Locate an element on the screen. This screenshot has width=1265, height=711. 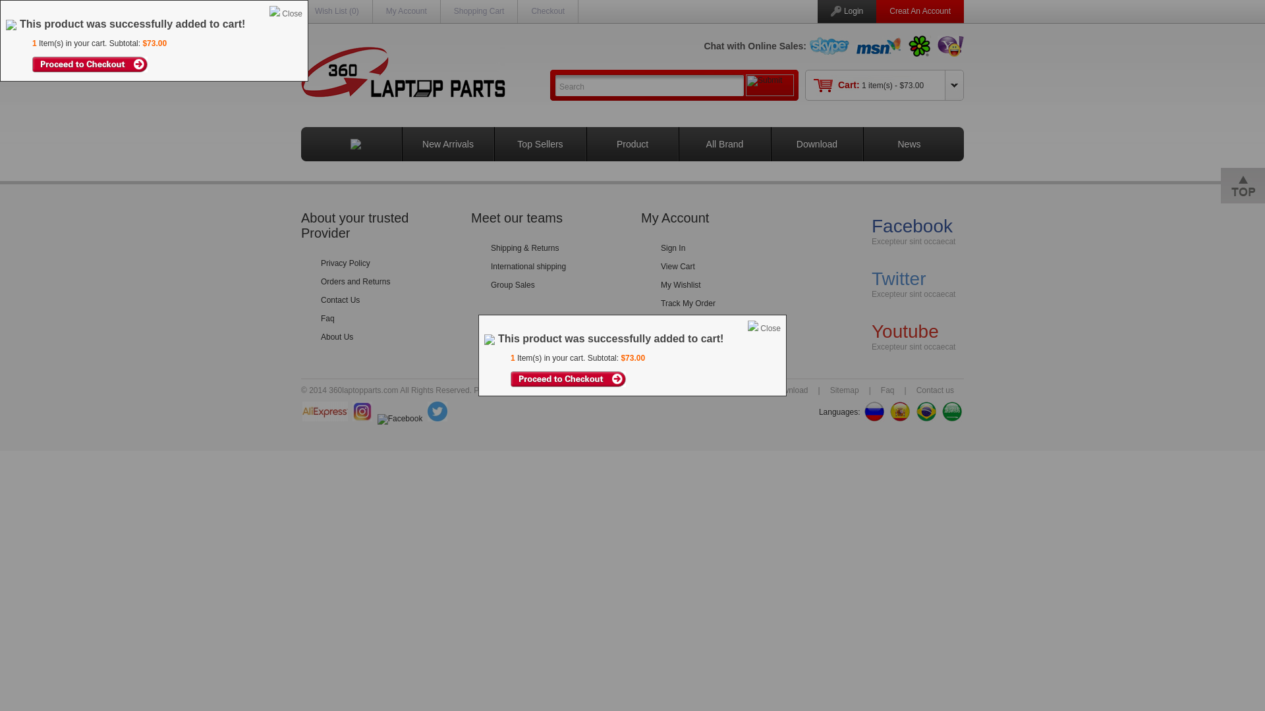
'Track My Order' is located at coordinates (687, 303).